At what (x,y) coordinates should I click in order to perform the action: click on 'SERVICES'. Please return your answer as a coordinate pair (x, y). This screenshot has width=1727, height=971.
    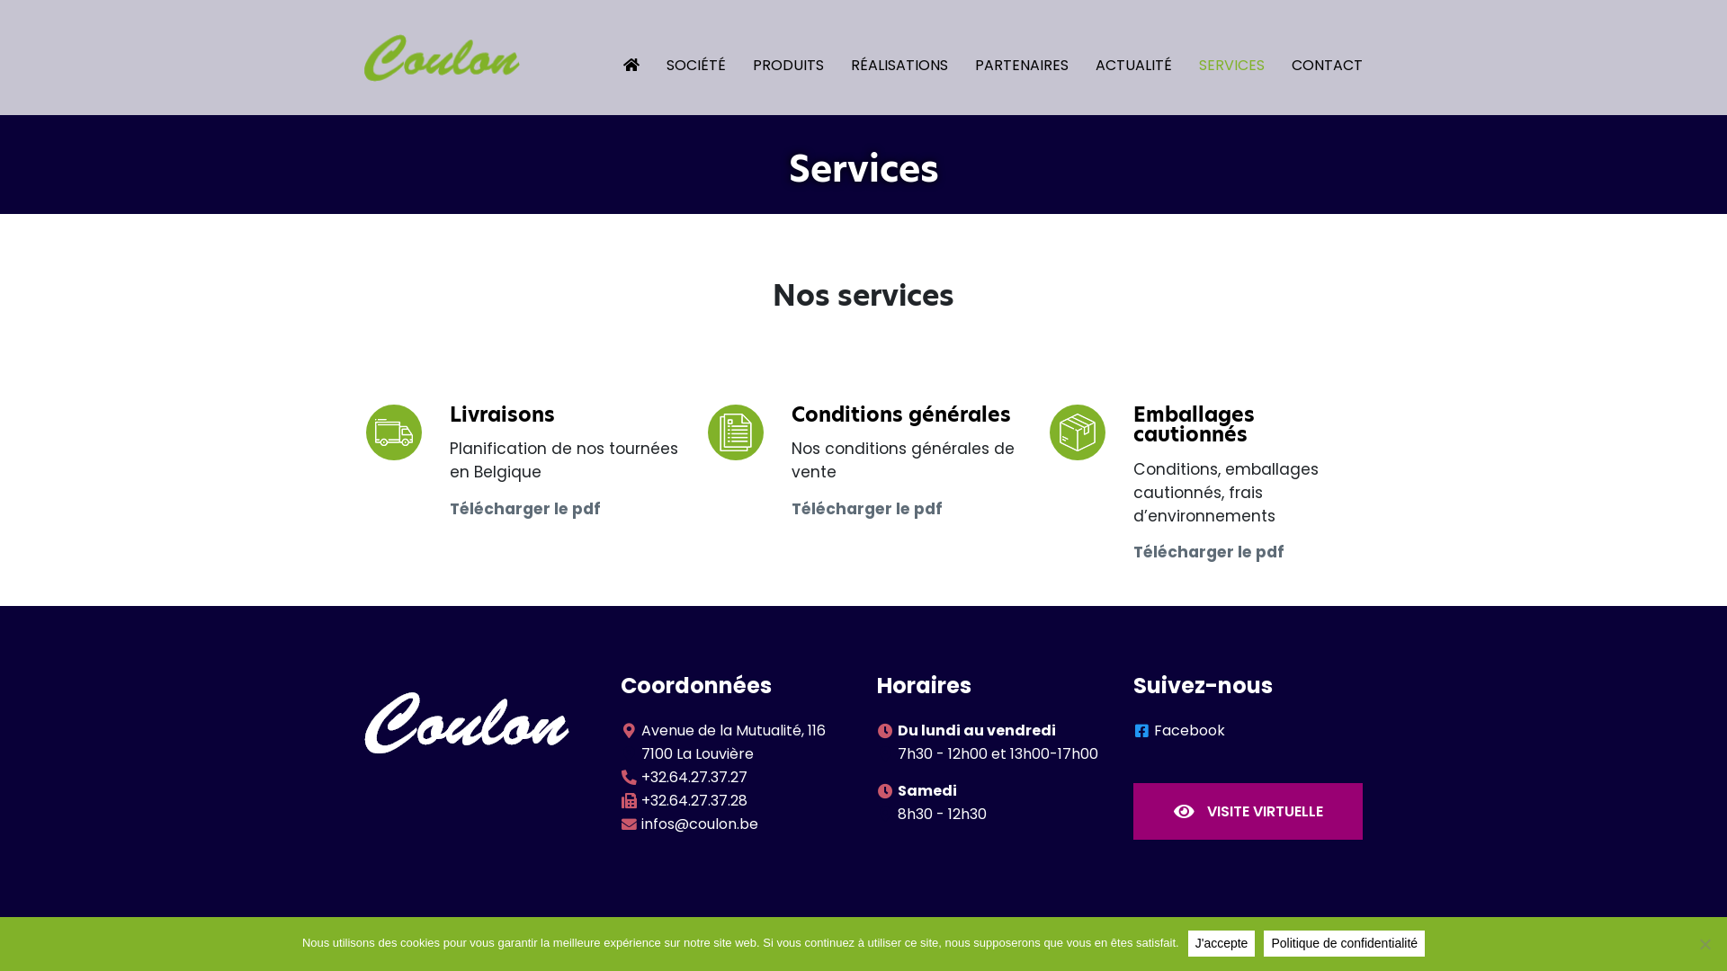
    Looking at the image, I should click on (1218, 56).